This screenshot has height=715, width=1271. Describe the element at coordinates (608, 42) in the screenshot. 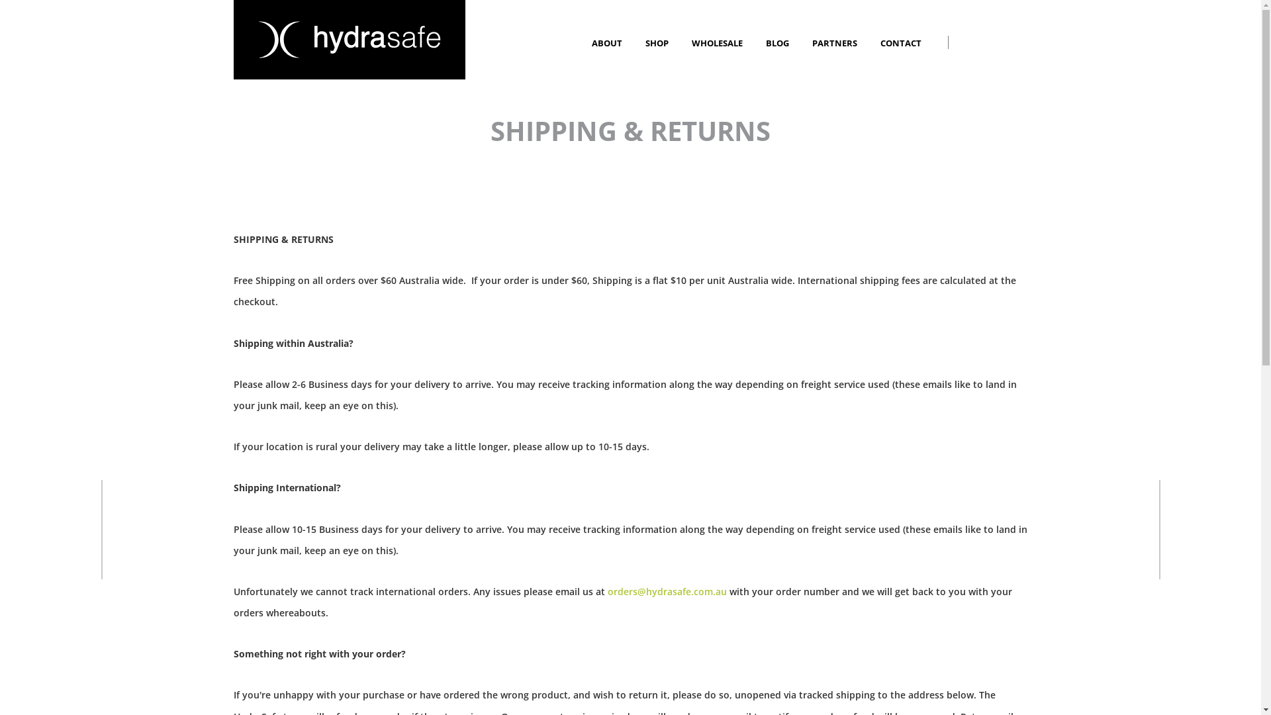

I see `'ABOUT'` at that location.